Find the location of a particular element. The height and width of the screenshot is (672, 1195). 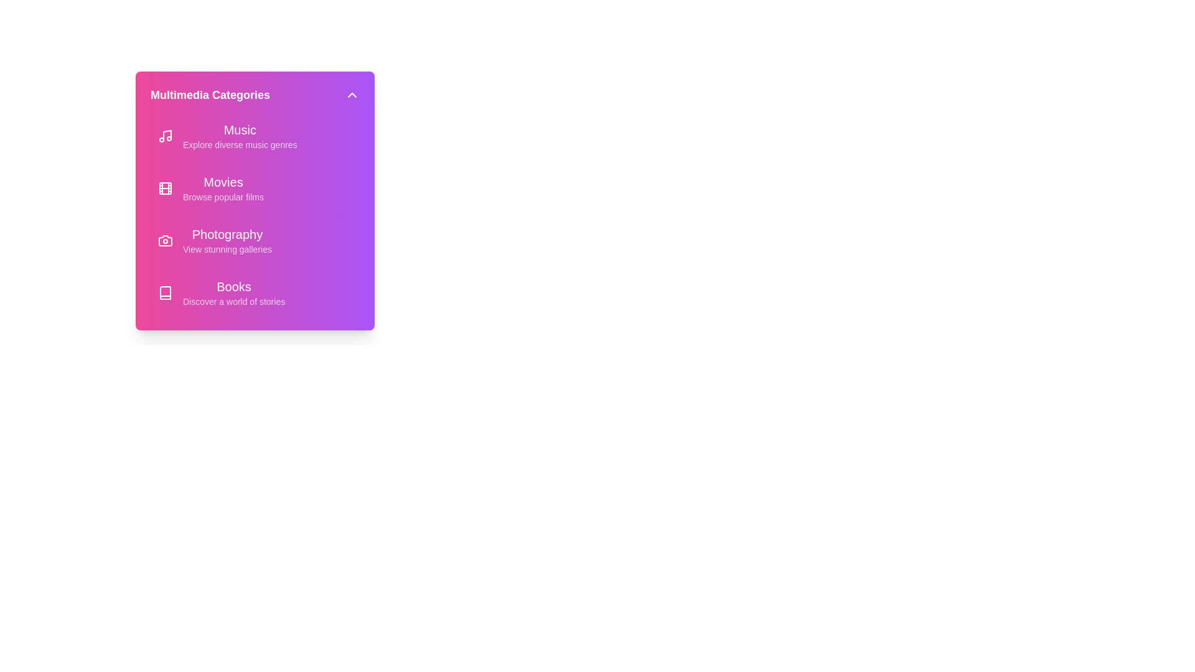

the menu item corresponding to Music is located at coordinates (254, 136).